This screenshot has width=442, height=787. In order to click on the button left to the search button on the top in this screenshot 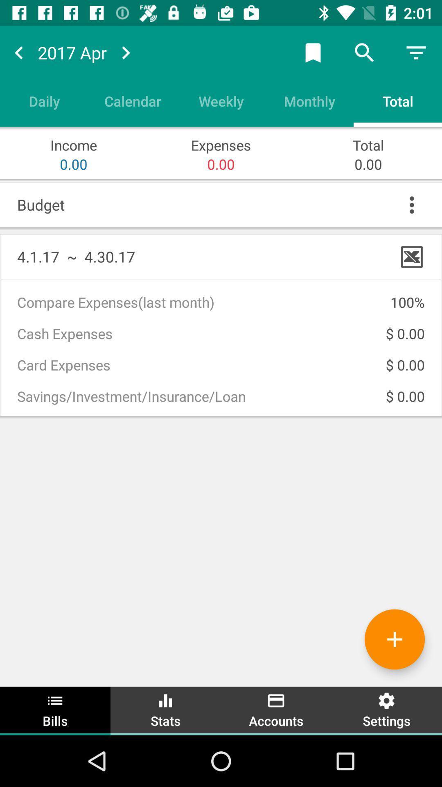, I will do `click(313, 52)`.